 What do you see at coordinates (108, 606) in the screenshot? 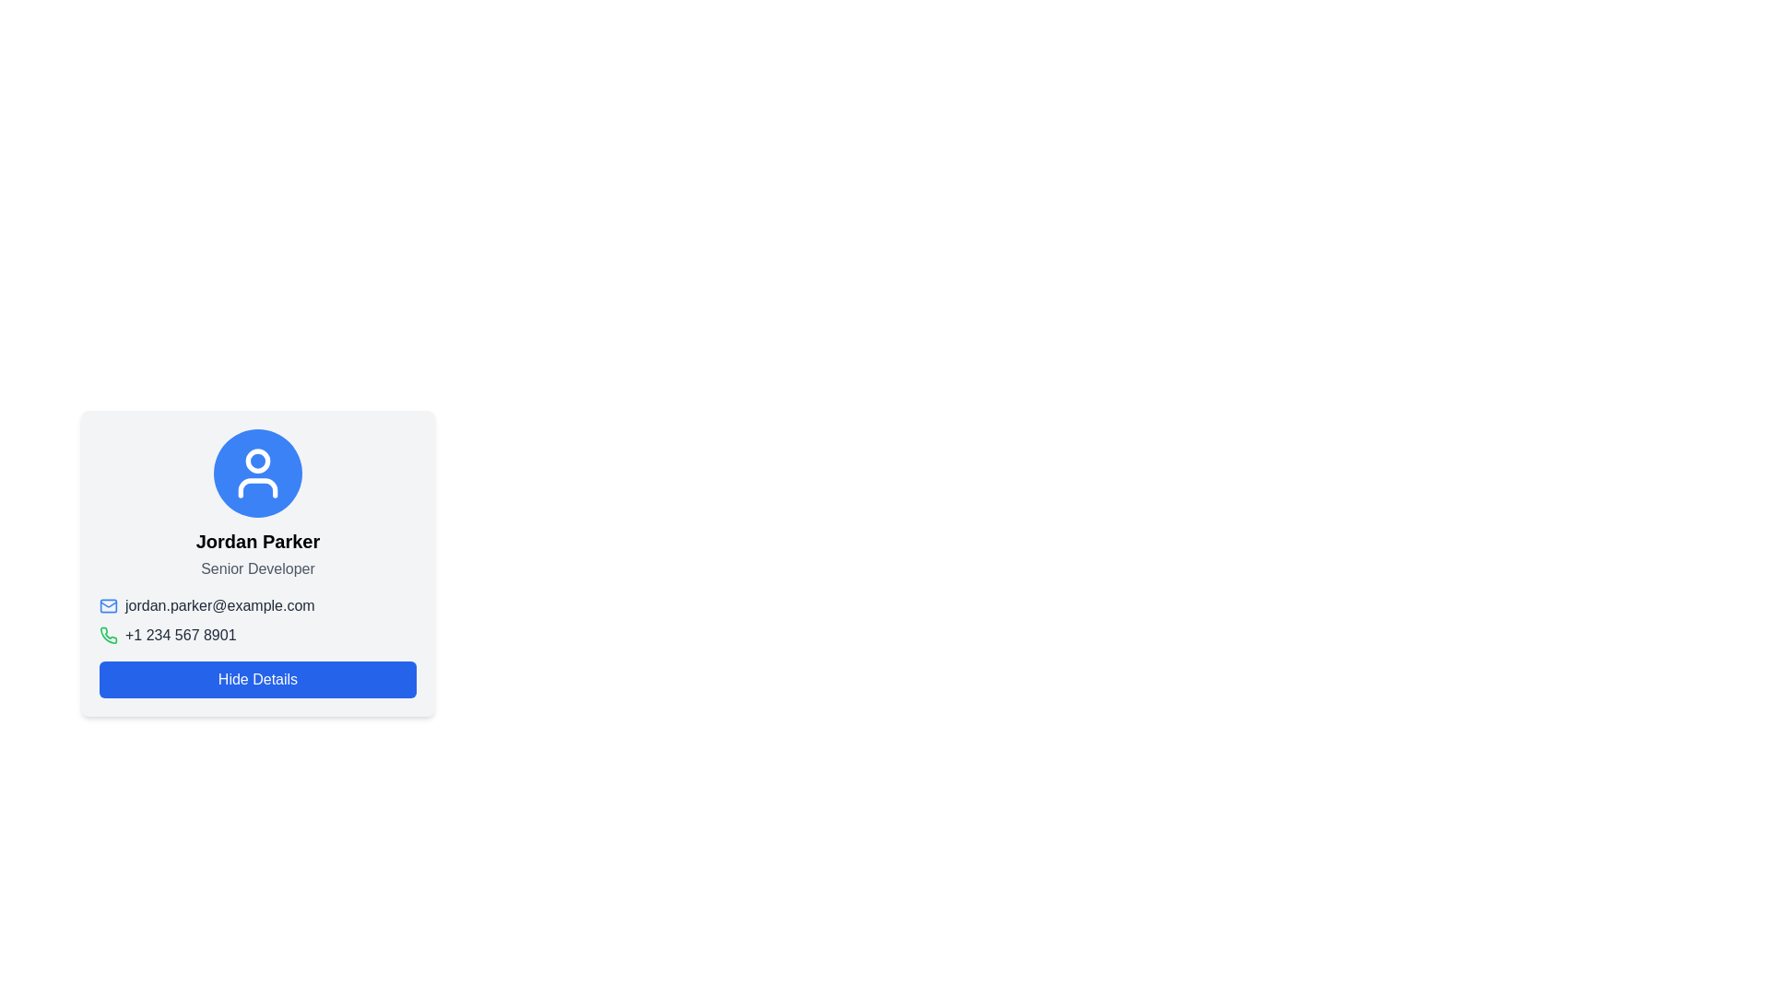
I see `the decorative icon representing the email address, located to the left of 'jordan.parker@example.com'` at bounding box center [108, 606].